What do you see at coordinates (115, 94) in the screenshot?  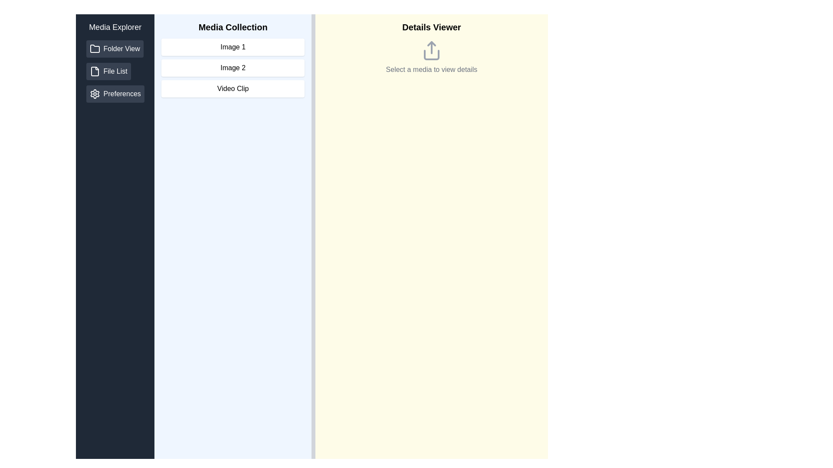 I see `the third button in the vertical stack of the left sidebar, located below 'Folder View' and 'File List' in the 'Media Explorer' section, to observe the hover effect` at bounding box center [115, 94].